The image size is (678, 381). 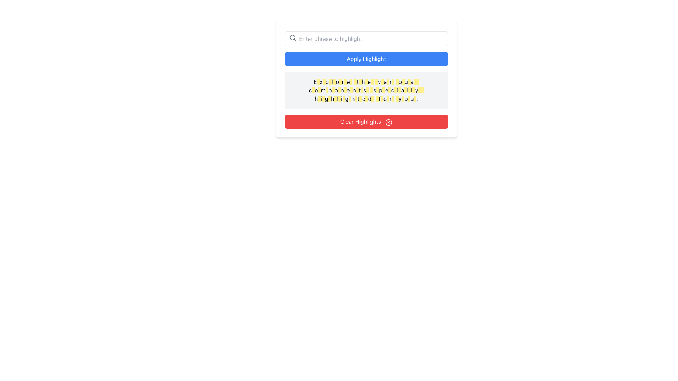 I want to click on Decorative highlight block that emphasizes the text in the message 'Explore the various components specially highlighted for you.', so click(x=367, y=90).